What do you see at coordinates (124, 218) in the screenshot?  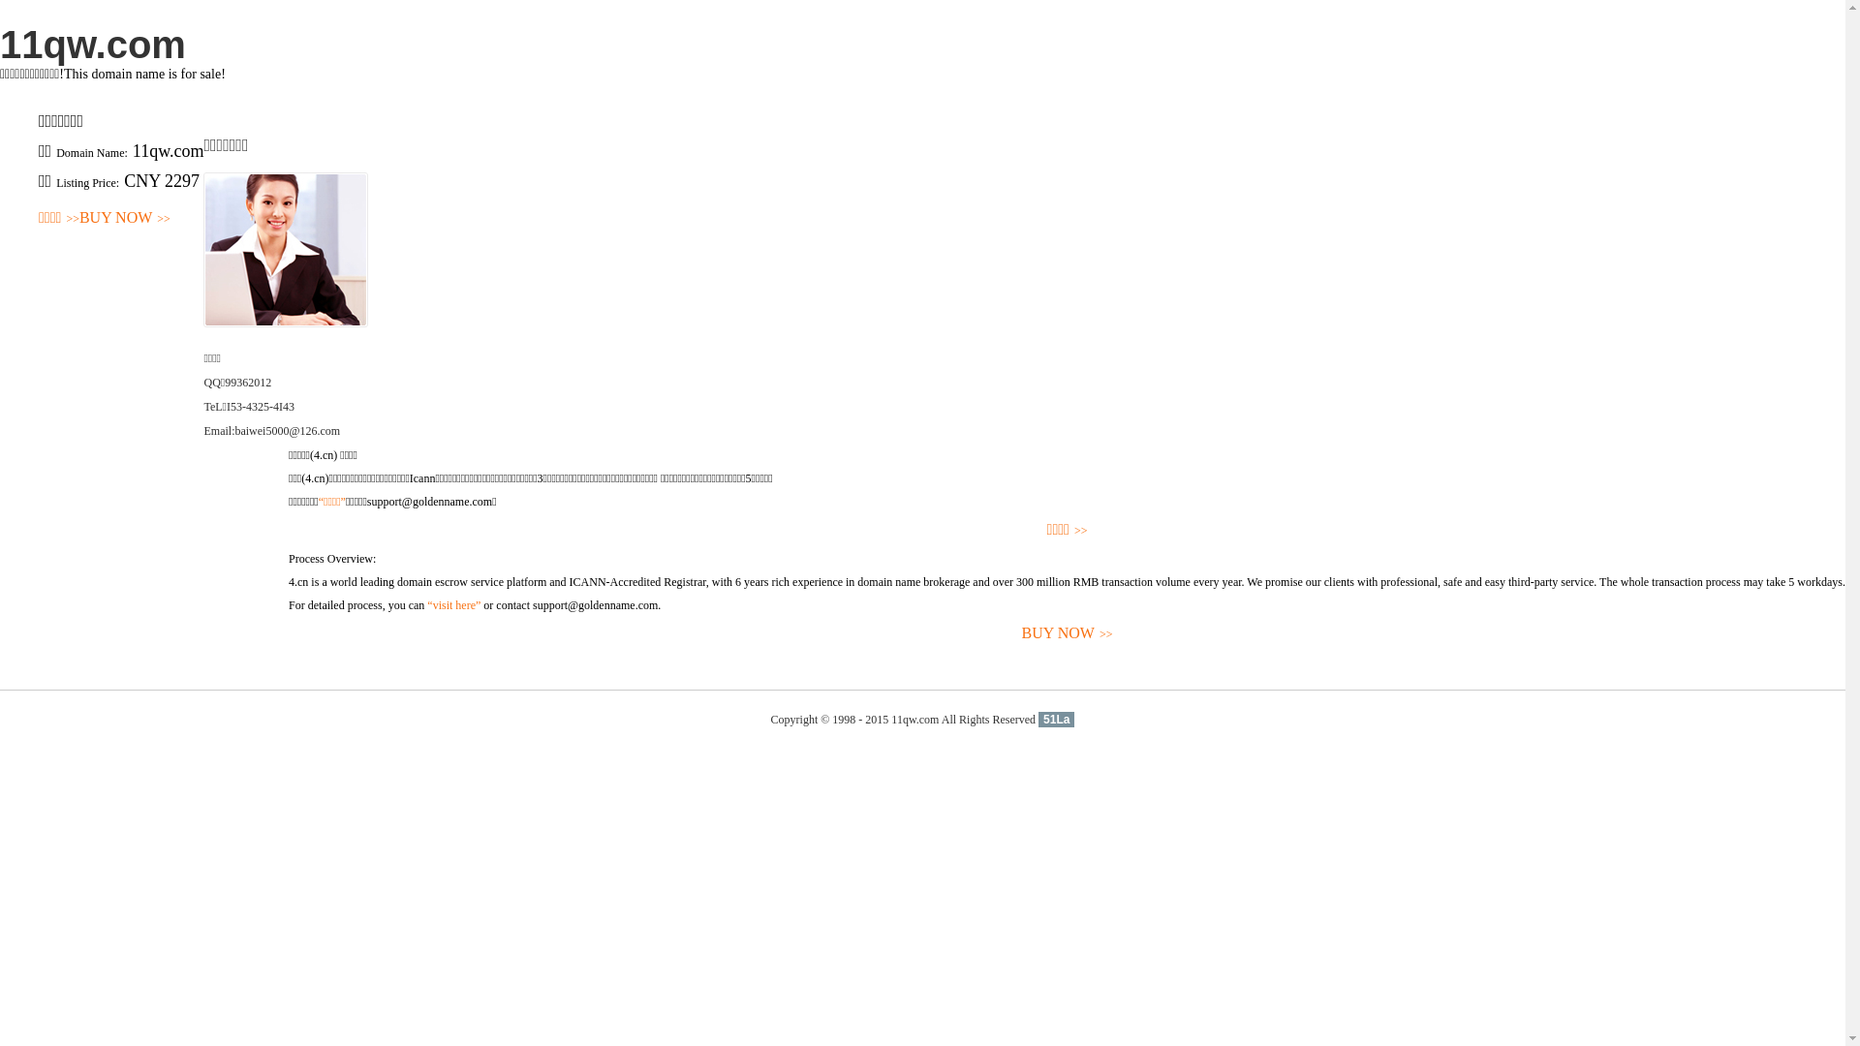 I see `'BUY NOW>>'` at bounding box center [124, 218].